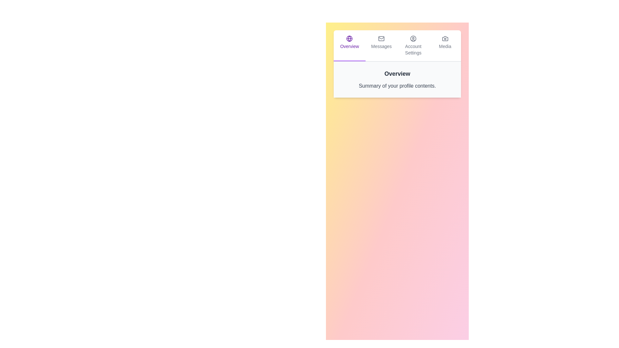  I want to click on the tab labeled Overview, so click(349, 45).